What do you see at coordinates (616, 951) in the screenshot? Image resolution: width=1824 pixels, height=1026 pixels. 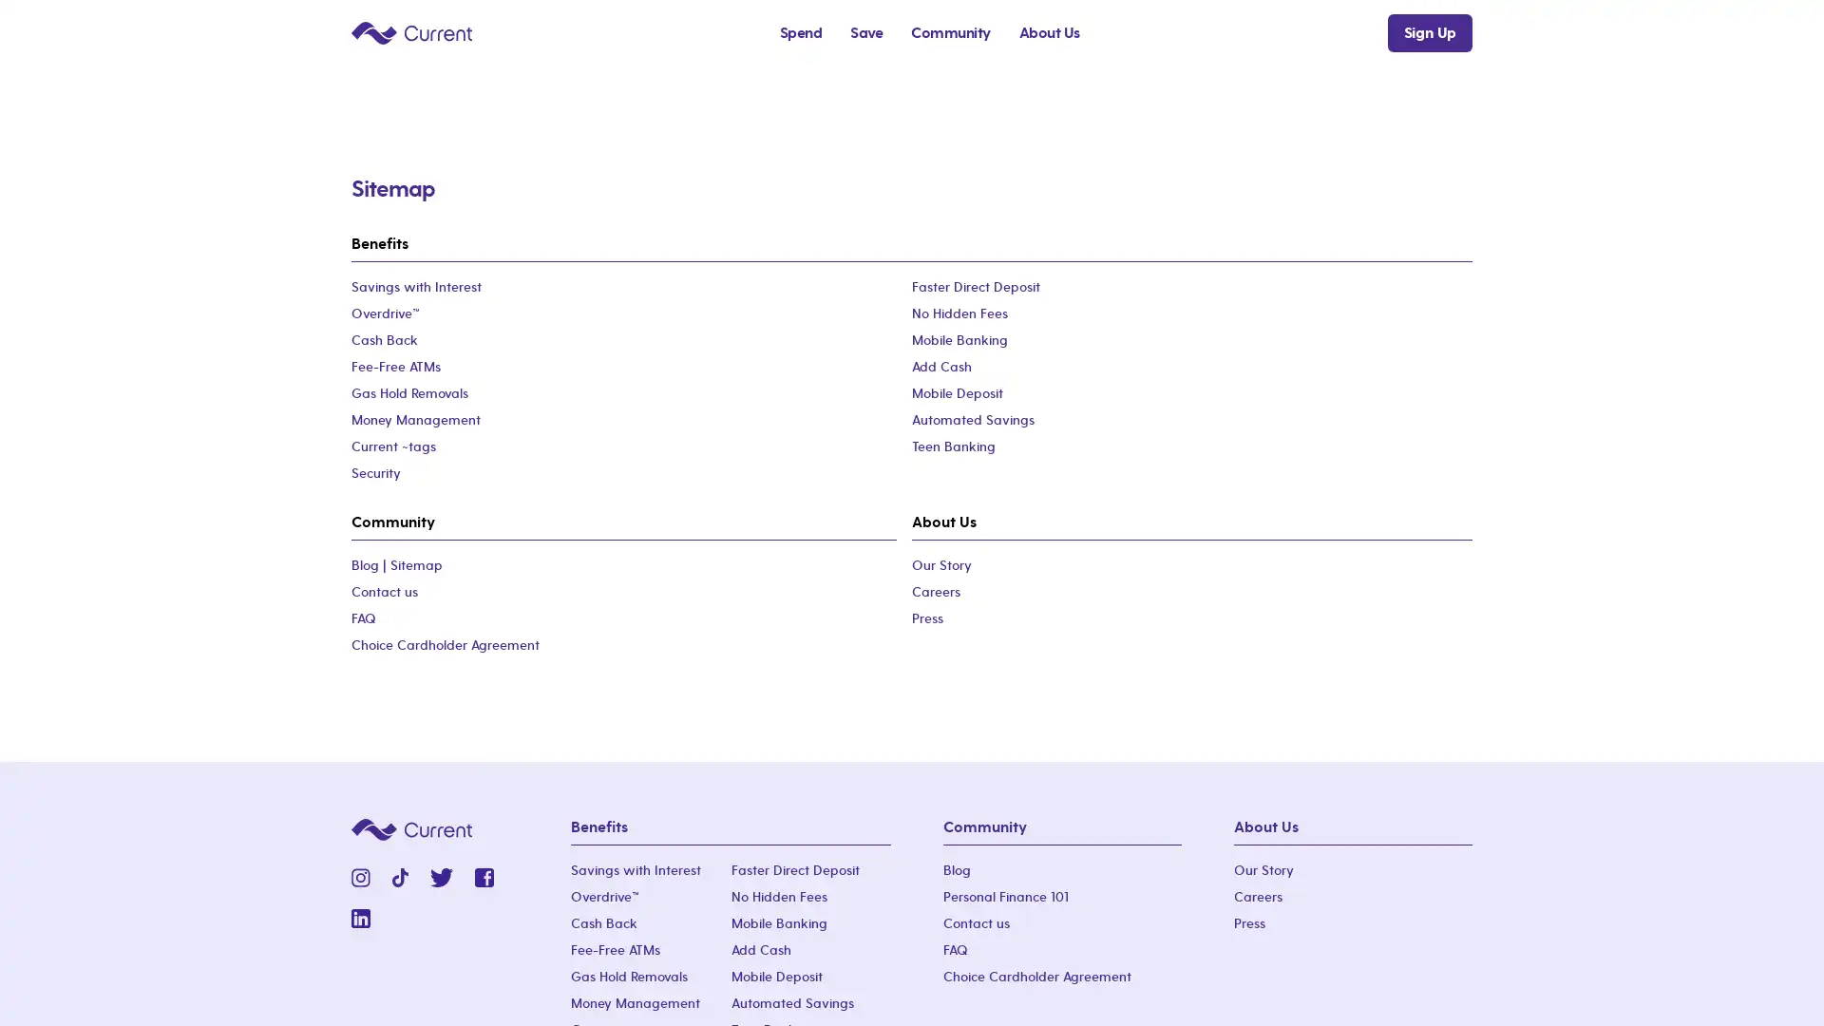 I see `Fee-Free ATMs` at bounding box center [616, 951].